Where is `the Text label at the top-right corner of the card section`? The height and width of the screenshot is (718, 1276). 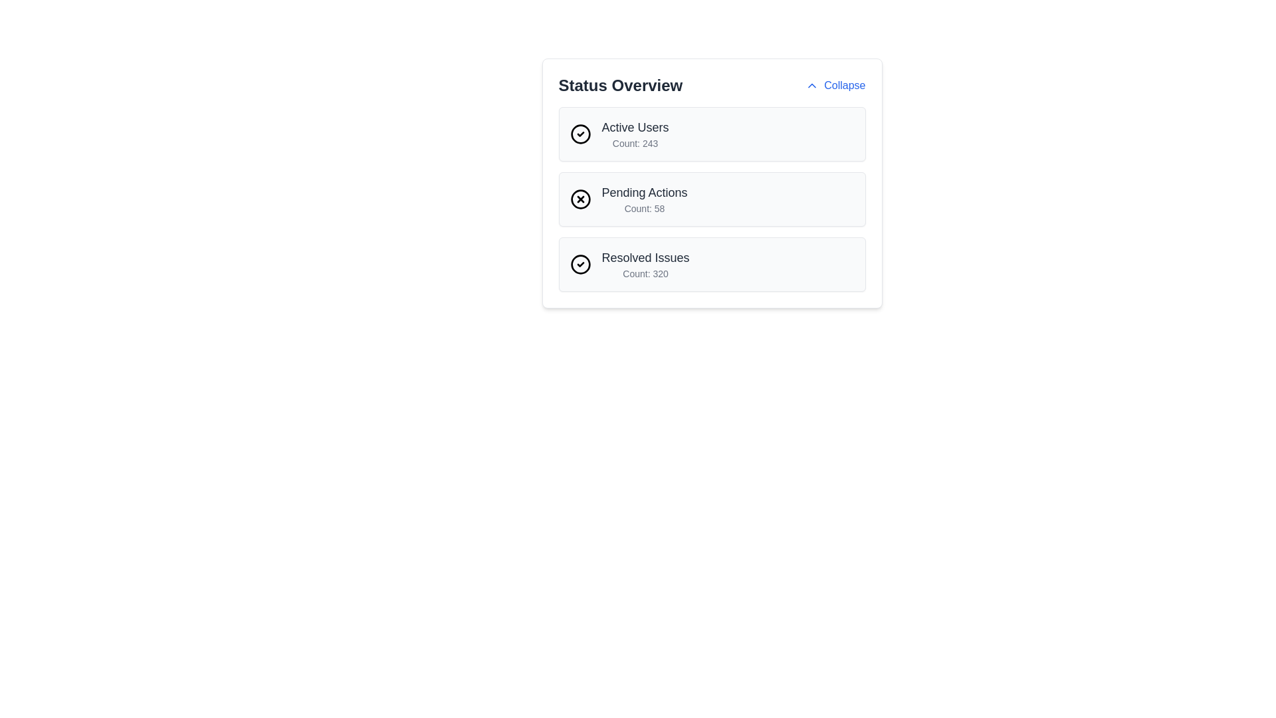
the Text label at the top-right corner of the card section is located at coordinates (844, 85).